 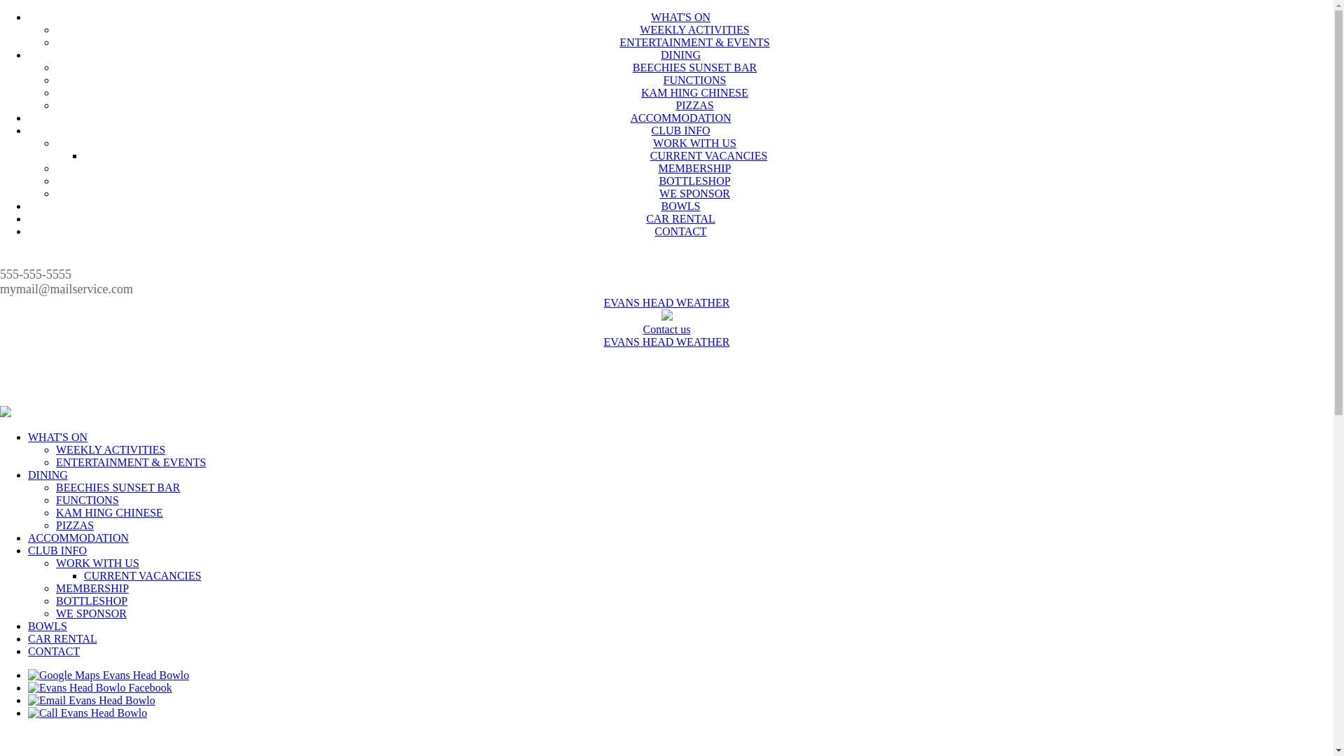 I want to click on 'Contact us', so click(x=665, y=329).